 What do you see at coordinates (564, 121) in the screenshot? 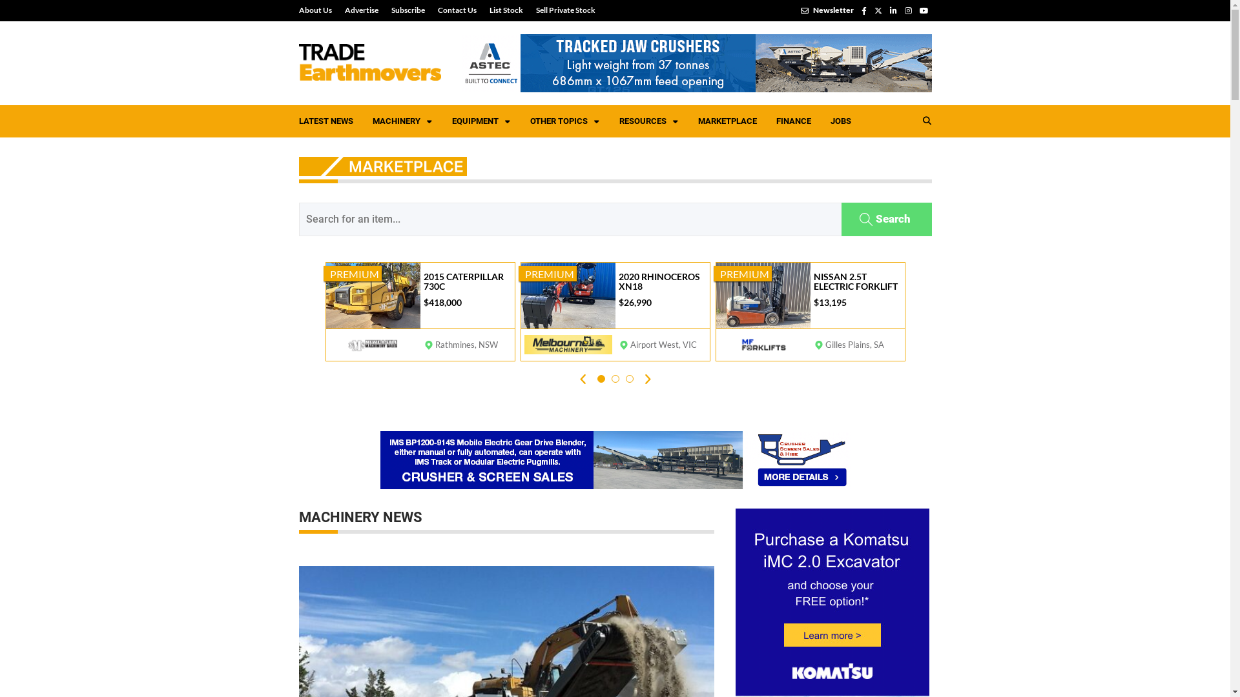
I see `'OTHER TOPICS'` at bounding box center [564, 121].